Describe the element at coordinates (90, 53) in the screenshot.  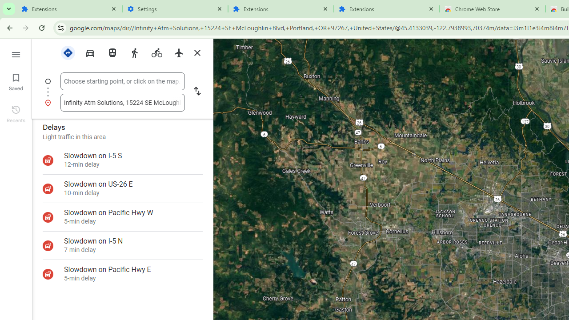
I see `'Driving'` at that location.